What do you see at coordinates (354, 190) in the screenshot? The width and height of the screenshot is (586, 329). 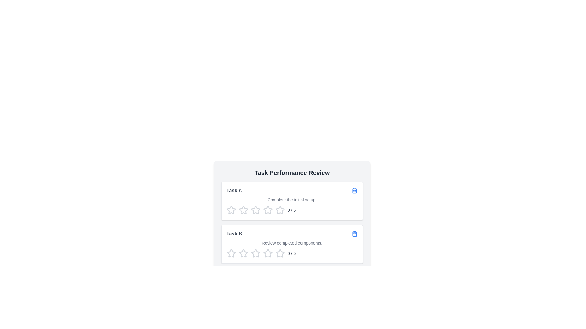 I see `the clipboard icon located at the far right of the row for 'Task A' by` at bounding box center [354, 190].